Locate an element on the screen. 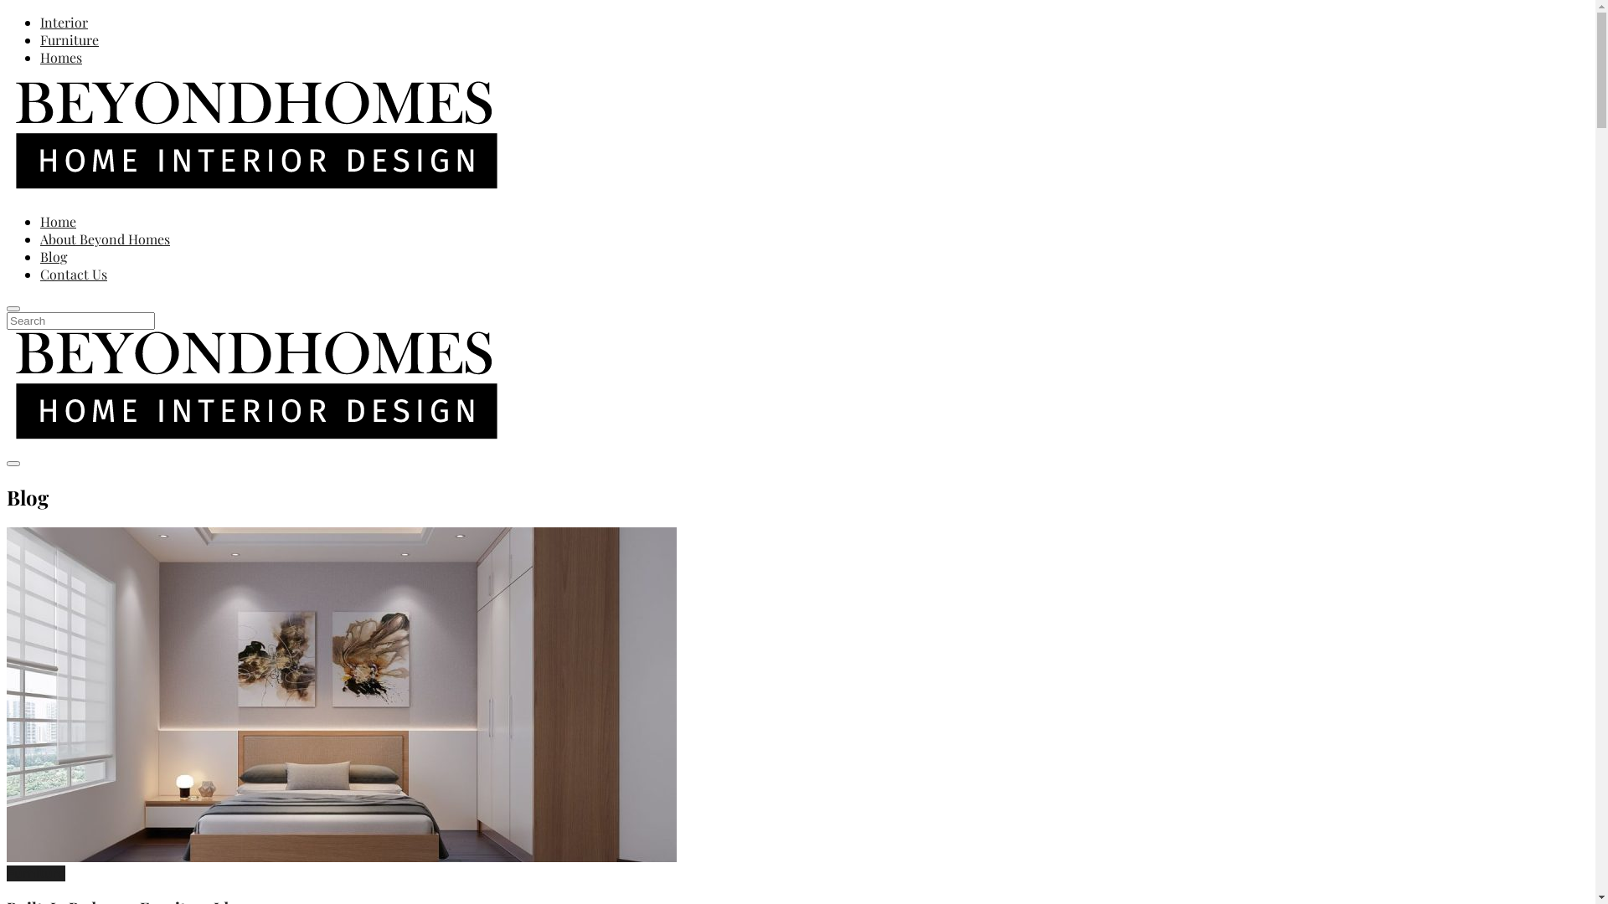  'Blog' is located at coordinates (53, 256).